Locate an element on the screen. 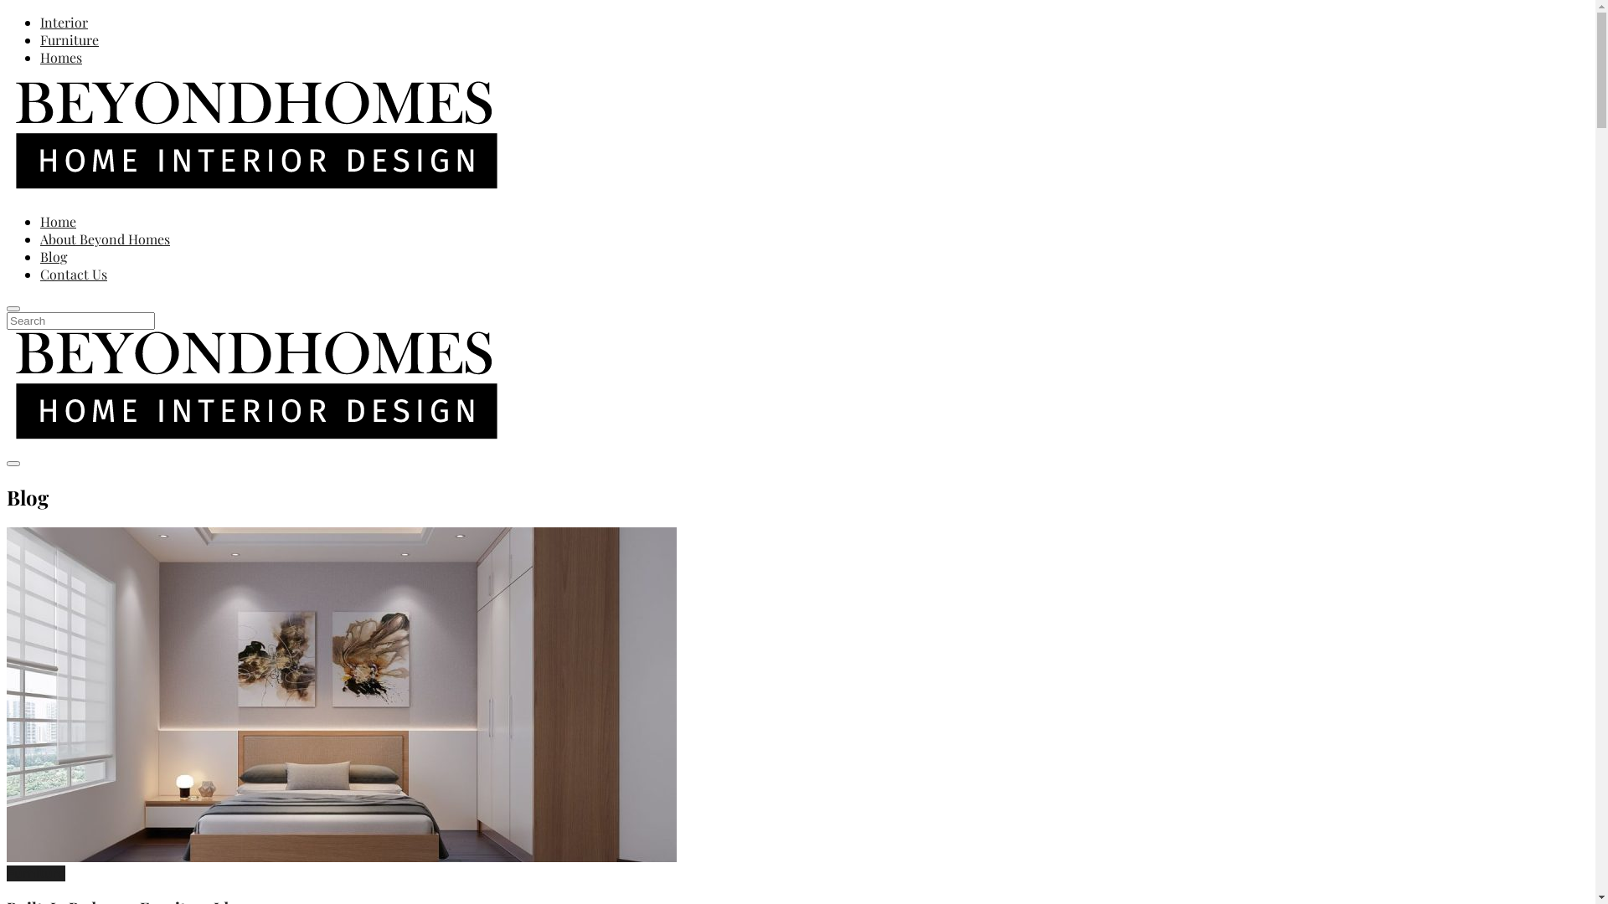  'Blog' is located at coordinates (53, 256).